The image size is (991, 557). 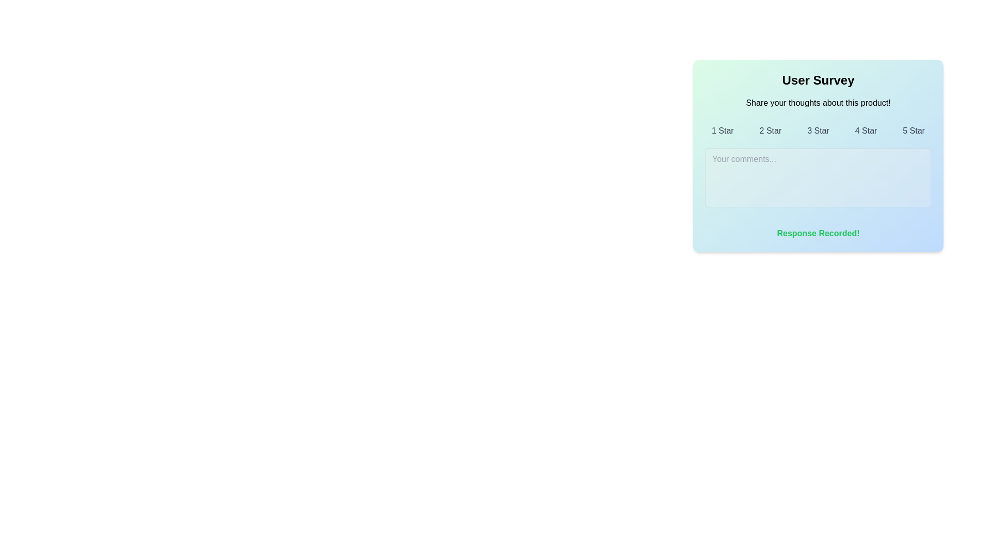 I want to click on the '5 Star' rating button in the star rating system, so click(x=914, y=130).